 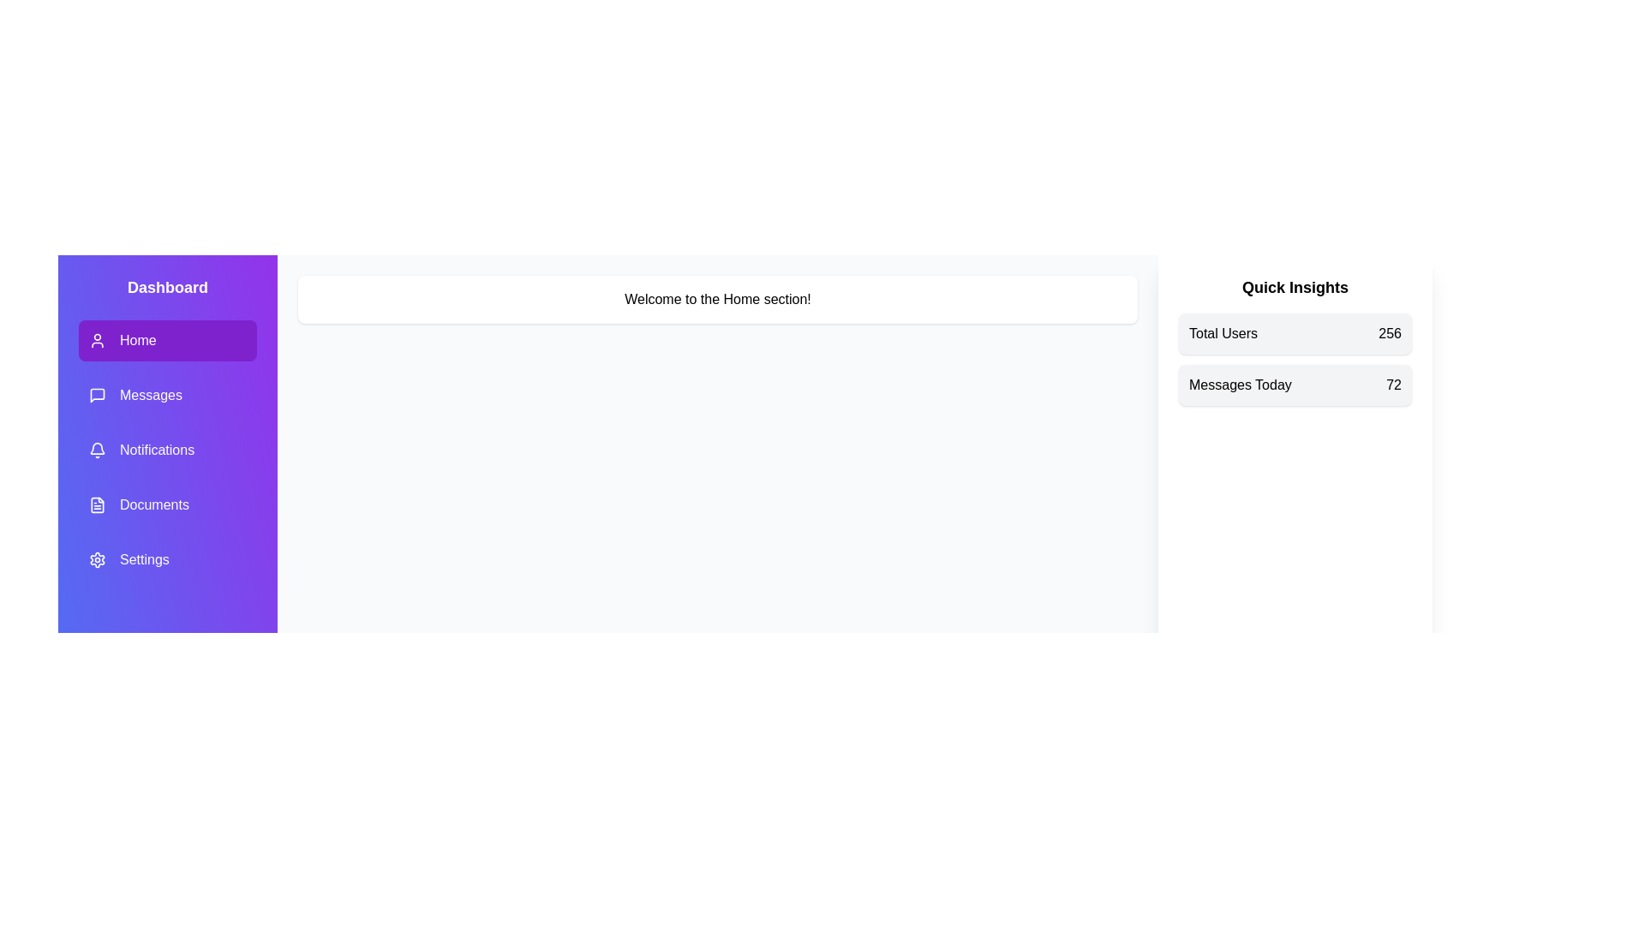 What do you see at coordinates (97, 560) in the screenshot?
I see `the settings icon located in the bottom part of the vertical menu on the left side of the interface, under the label 'Settings' in the sidebar` at bounding box center [97, 560].